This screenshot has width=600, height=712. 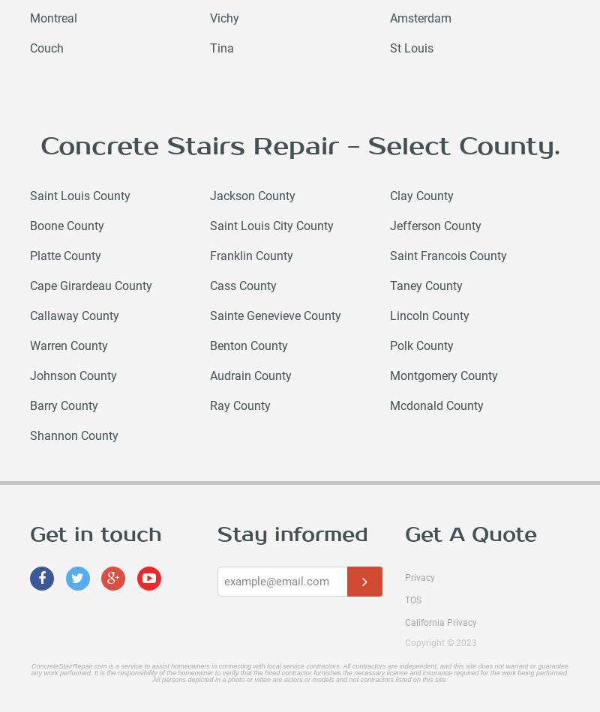 I want to click on 'Cape Girardeau County', so click(x=90, y=285).